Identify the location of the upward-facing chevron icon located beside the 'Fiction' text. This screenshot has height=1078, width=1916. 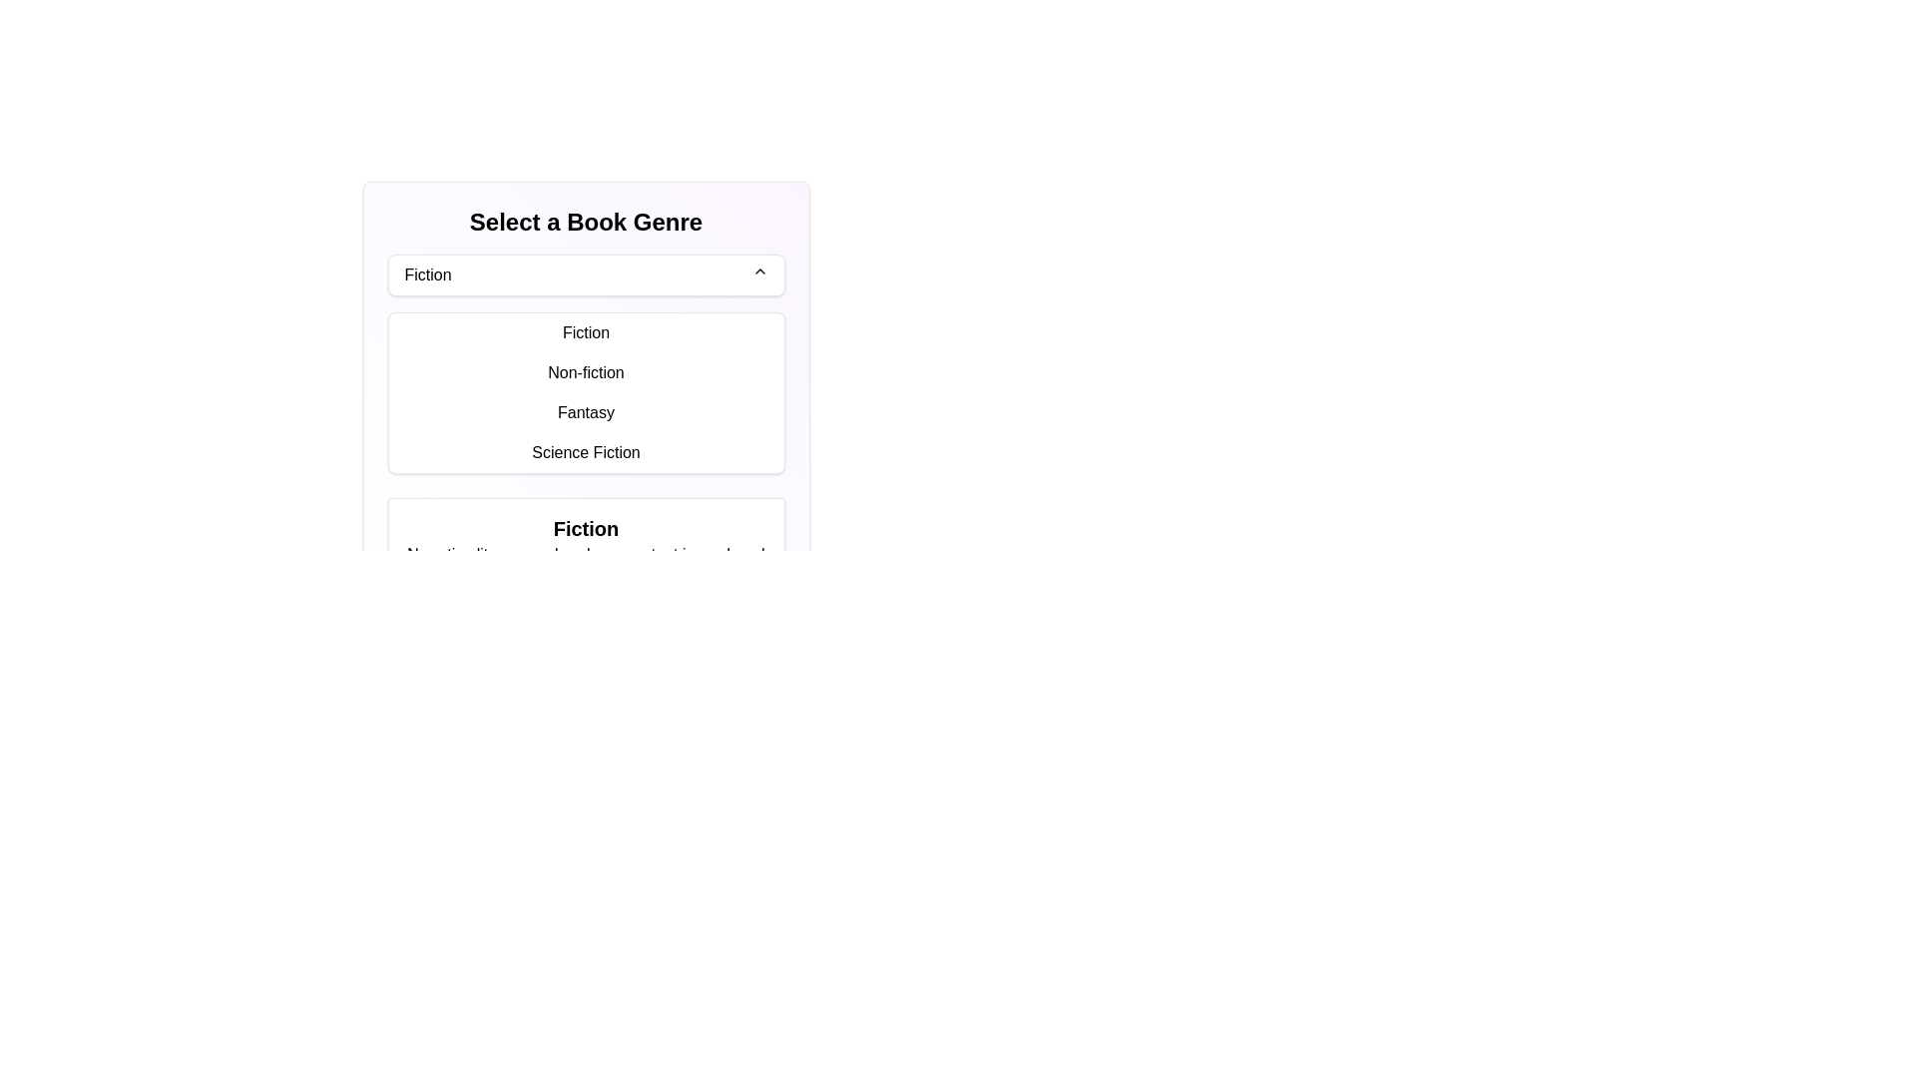
(758, 271).